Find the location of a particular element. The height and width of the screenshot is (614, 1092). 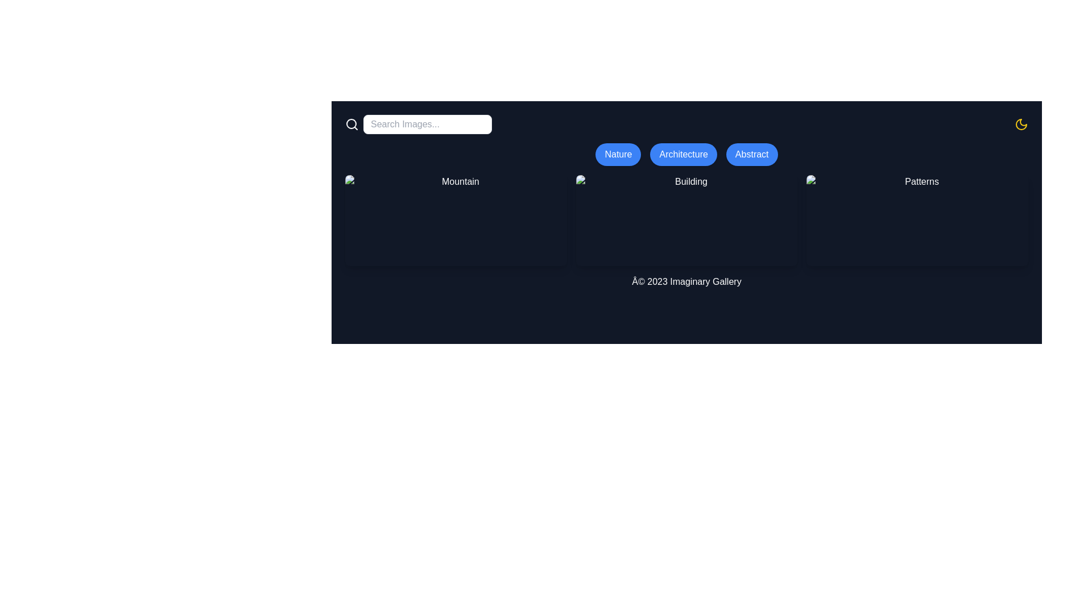

the icon button located at the far right of the header, which toggles between light and dark themes is located at coordinates (1021, 125).